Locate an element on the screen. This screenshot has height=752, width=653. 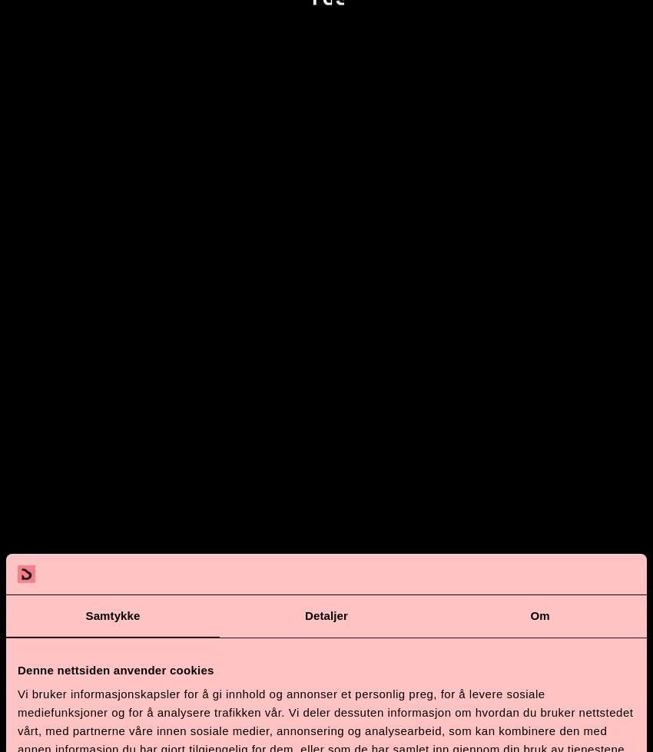
'Samtykke' is located at coordinates (112, 614).